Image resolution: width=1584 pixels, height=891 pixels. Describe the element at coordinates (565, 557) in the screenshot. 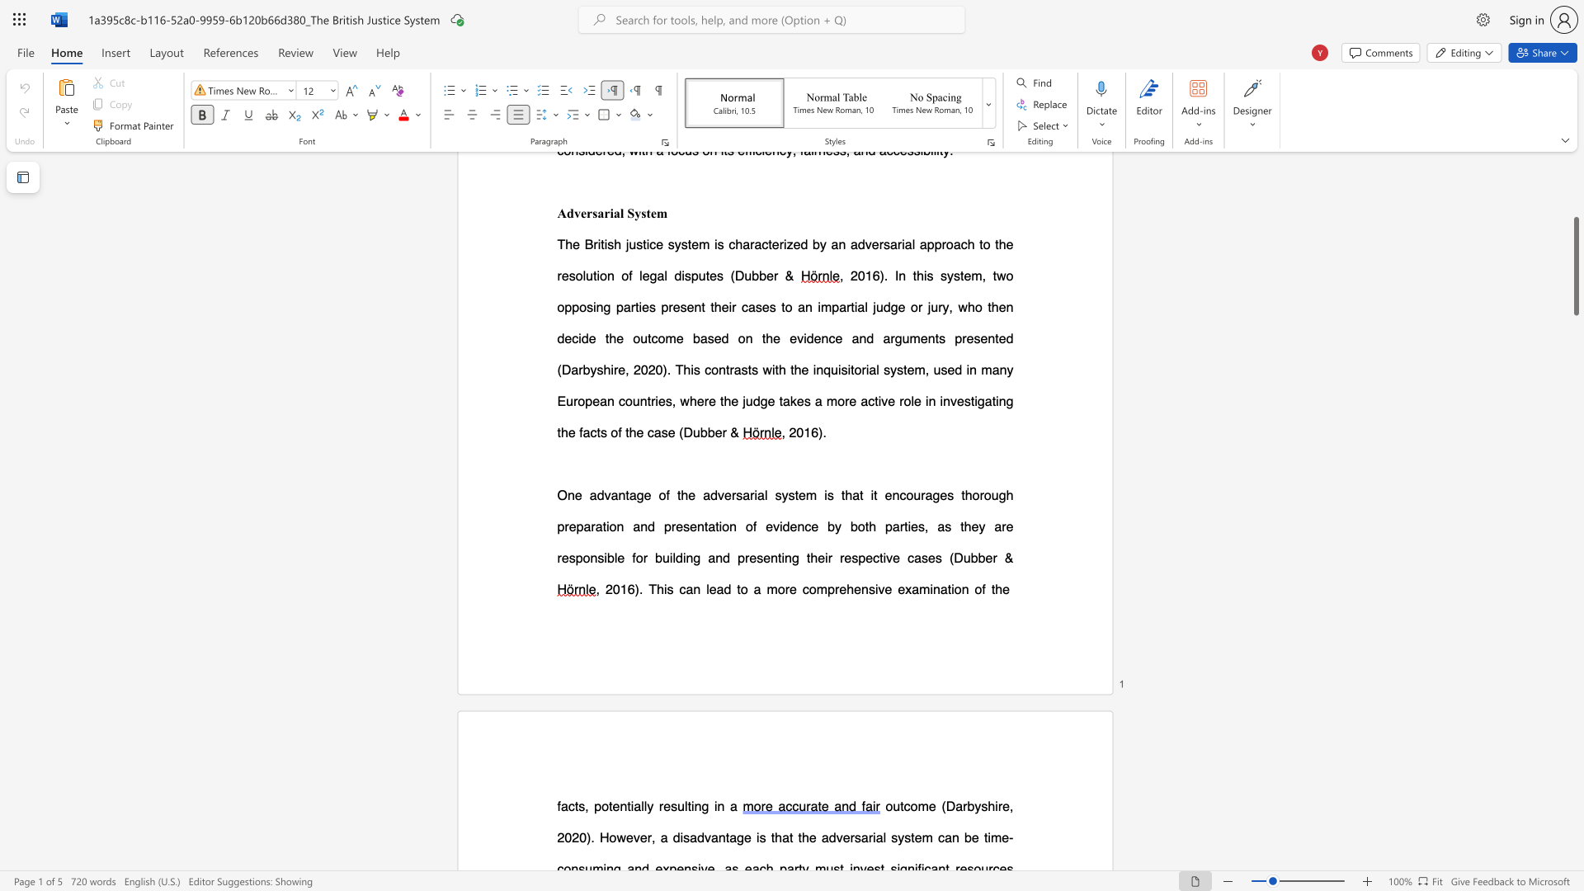

I see `the 2th character "e" in the text` at that location.